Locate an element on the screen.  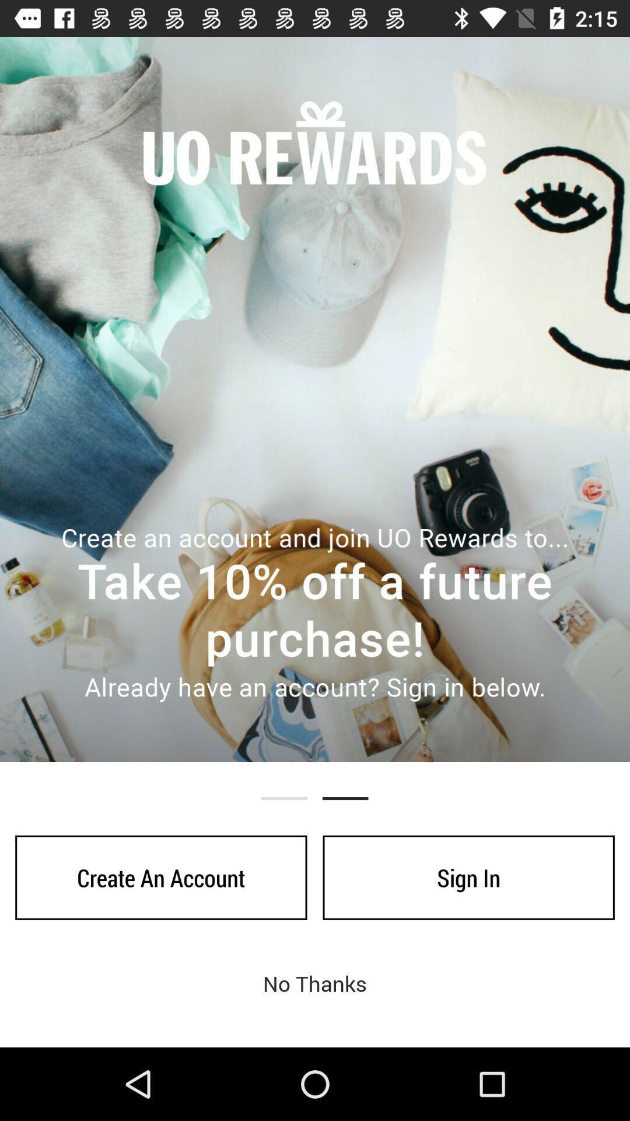
the sign in item is located at coordinates (468, 878).